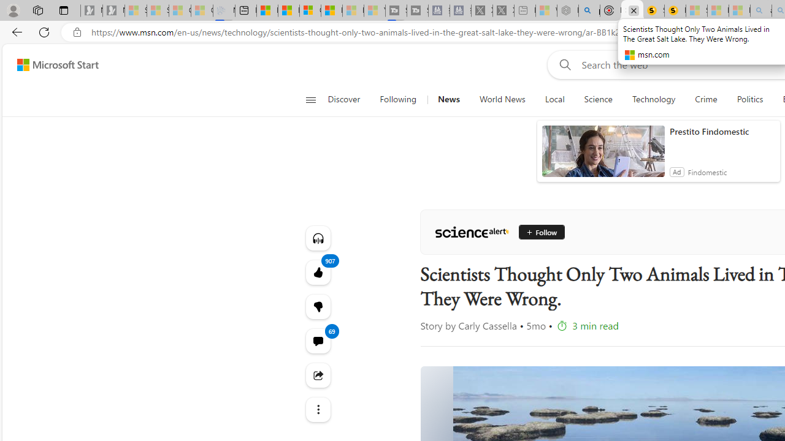  I want to click on 'anim-content', so click(603, 156).